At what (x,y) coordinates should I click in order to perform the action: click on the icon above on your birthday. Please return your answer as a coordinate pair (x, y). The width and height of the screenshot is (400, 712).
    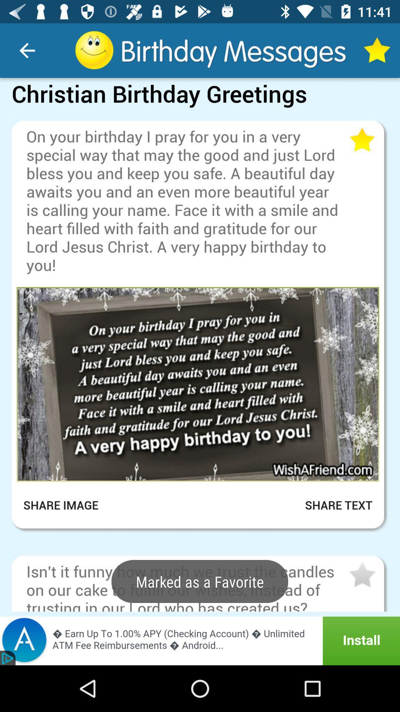
    Looking at the image, I should click on (200, 114).